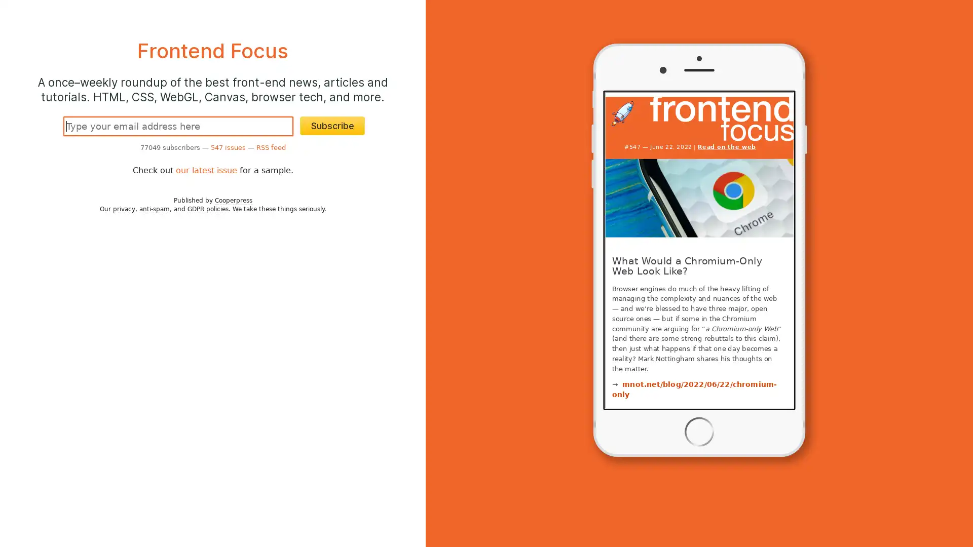  What do you see at coordinates (332, 125) in the screenshot?
I see `Subscribe` at bounding box center [332, 125].